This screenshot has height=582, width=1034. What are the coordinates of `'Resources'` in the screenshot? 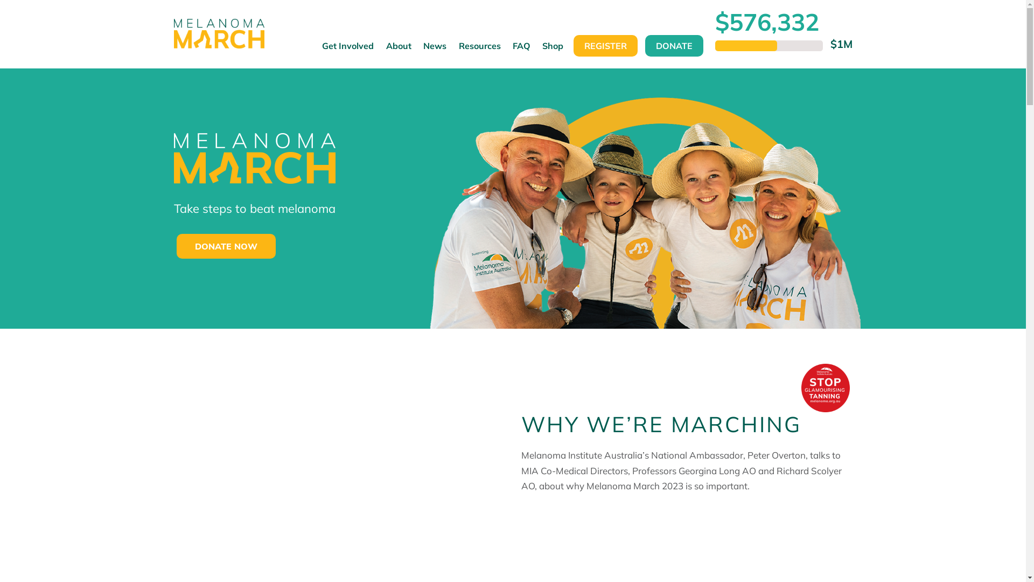 It's located at (452, 51).